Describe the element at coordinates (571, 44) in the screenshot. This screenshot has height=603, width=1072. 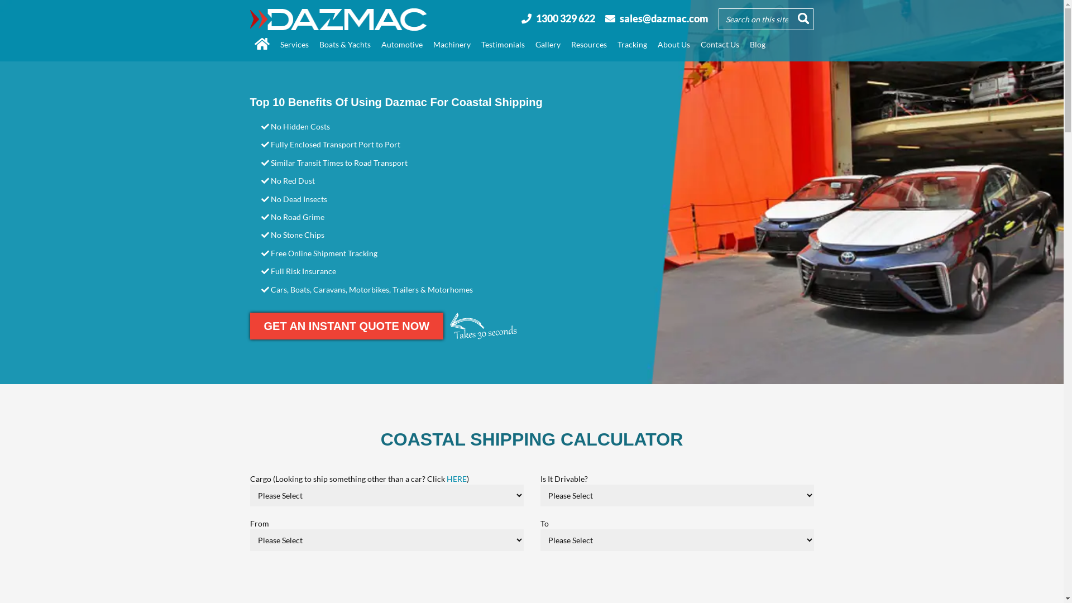
I see `'Resources'` at that location.